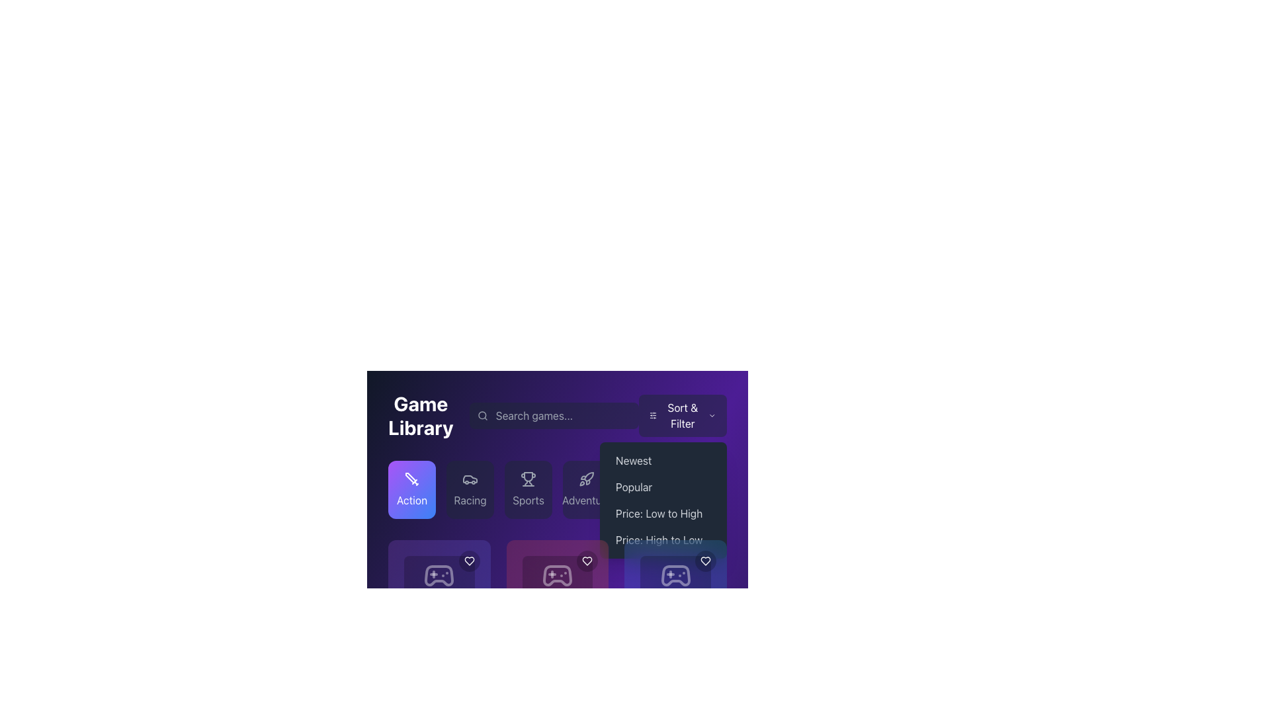  Describe the element at coordinates (587, 561) in the screenshot. I see `the heart-shaped icon button located in the top-right corner of the 'Shadow Realm' game card for accessibility navigation` at that location.